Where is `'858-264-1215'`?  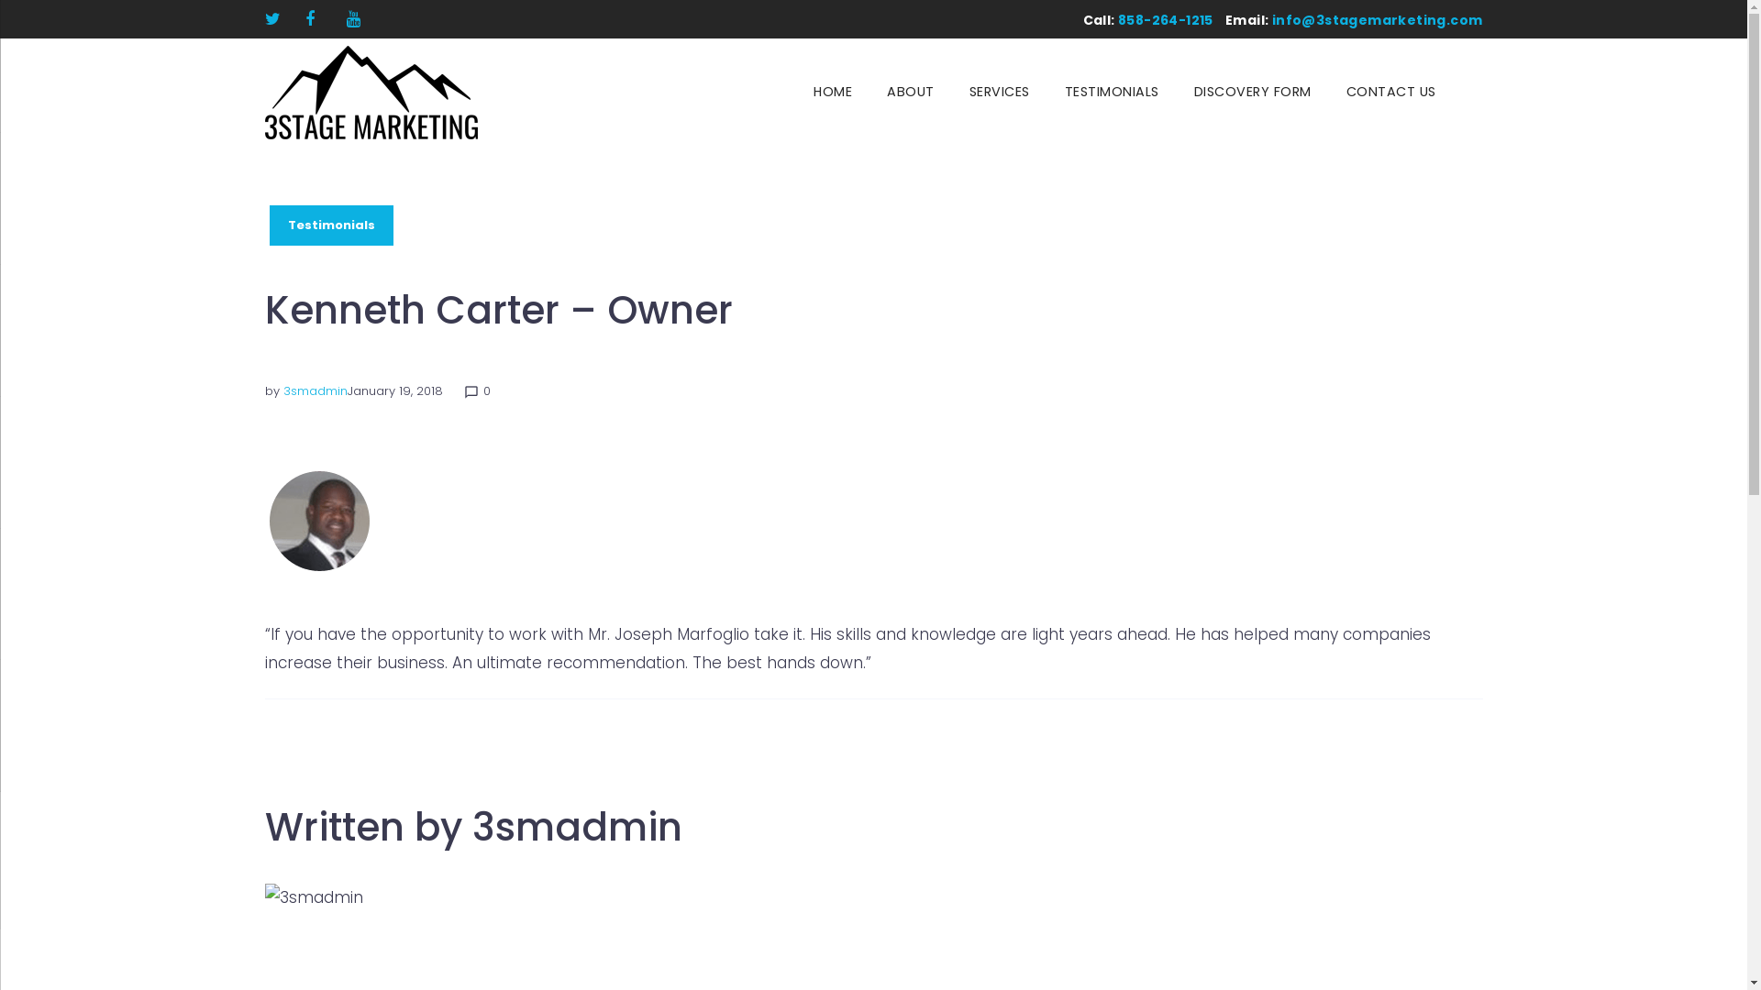
'858-264-1215' is located at coordinates (1165, 20).